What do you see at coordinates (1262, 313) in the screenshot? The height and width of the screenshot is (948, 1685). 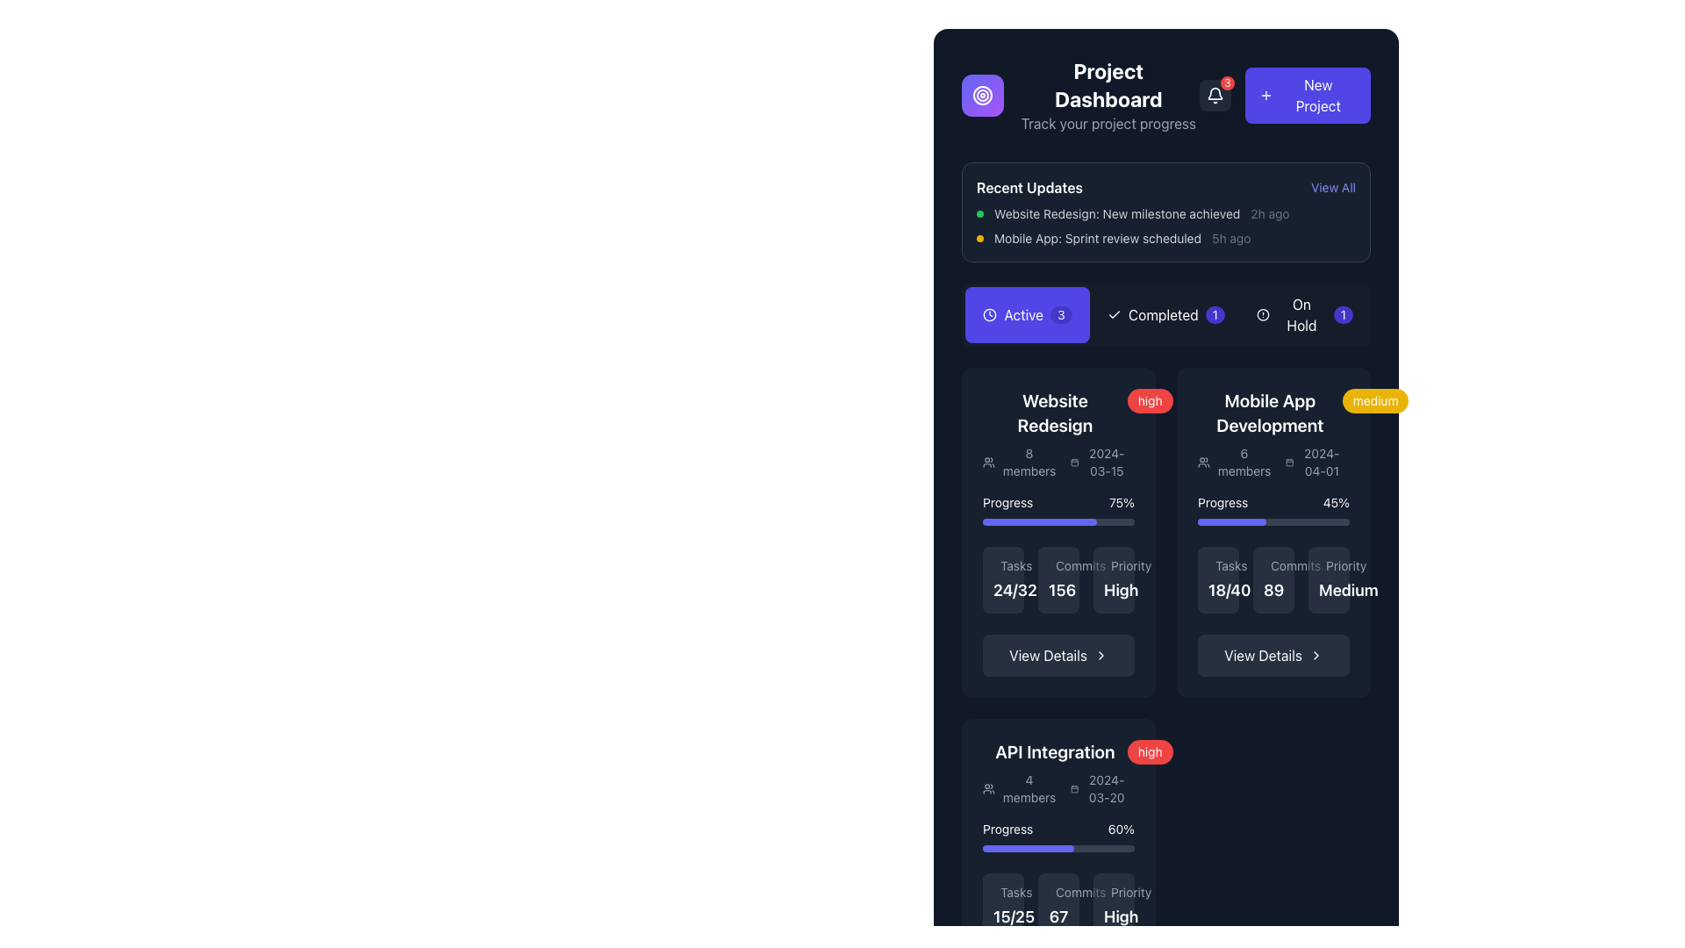 I see `the status indicator icon located to the left of the 'On Hold' text` at bounding box center [1262, 313].